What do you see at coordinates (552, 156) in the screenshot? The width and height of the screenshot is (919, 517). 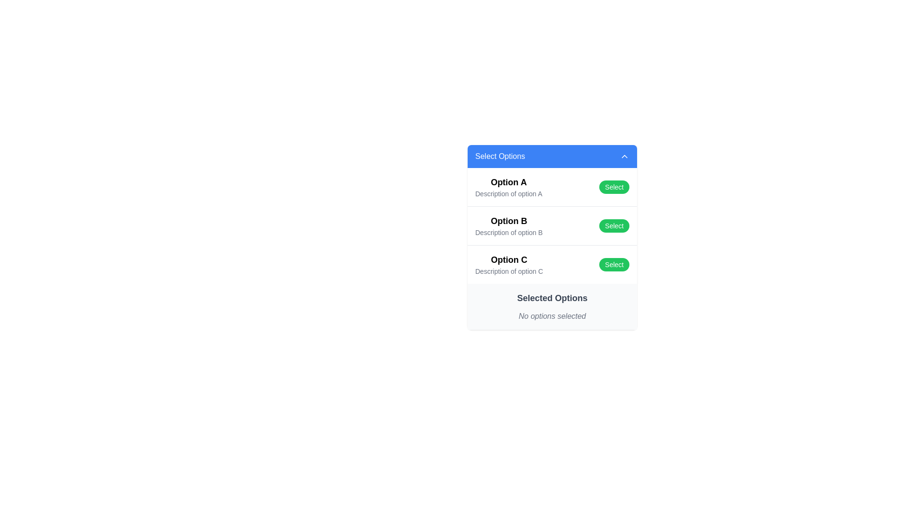 I see `the Dropdown toggle button, which has a blue background and the text 'Select Options'` at bounding box center [552, 156].